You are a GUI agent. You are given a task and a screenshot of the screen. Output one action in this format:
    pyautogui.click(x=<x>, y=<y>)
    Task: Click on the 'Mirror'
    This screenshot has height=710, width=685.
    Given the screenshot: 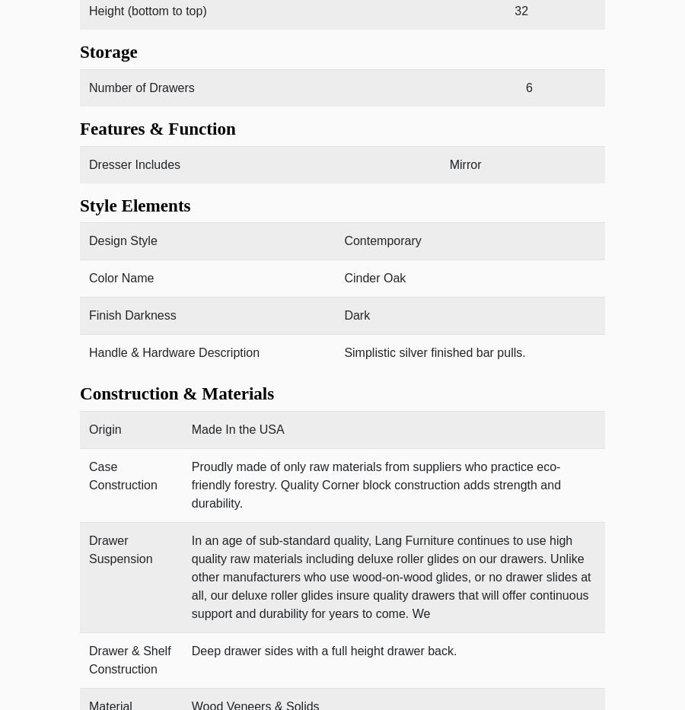 What is the action you would take?
    pyautogui.click(x=465, y=163)
    